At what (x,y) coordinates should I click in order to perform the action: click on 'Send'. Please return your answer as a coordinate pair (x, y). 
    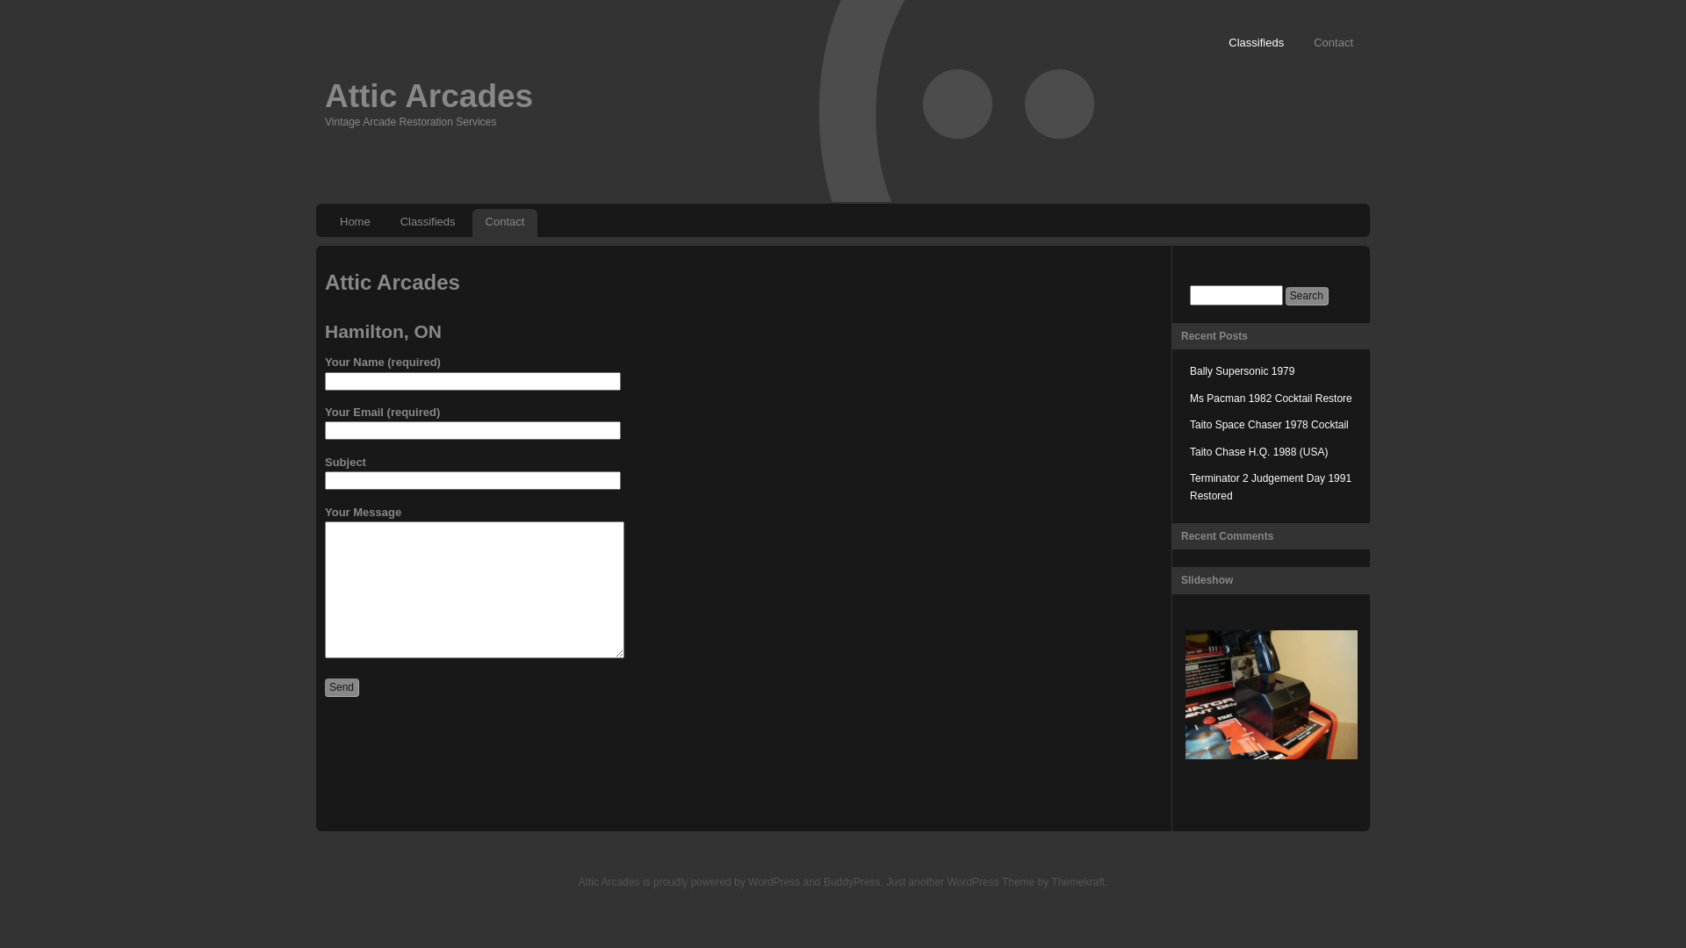
    Looking at the image, I should click on (342, 686).